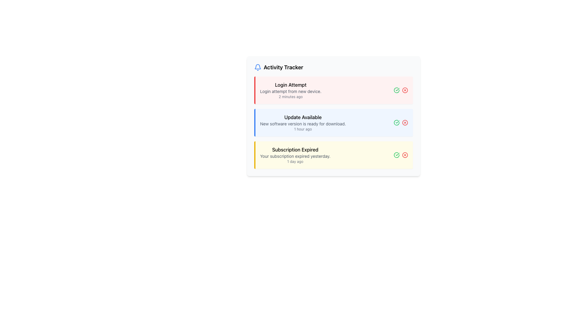 The image size is (577, 324). I want to click on timestamp displayed in the gray text label that shows '1 hour ago', which is positioned below the notification text 'New software version is ready for download.', so click(303, 129).